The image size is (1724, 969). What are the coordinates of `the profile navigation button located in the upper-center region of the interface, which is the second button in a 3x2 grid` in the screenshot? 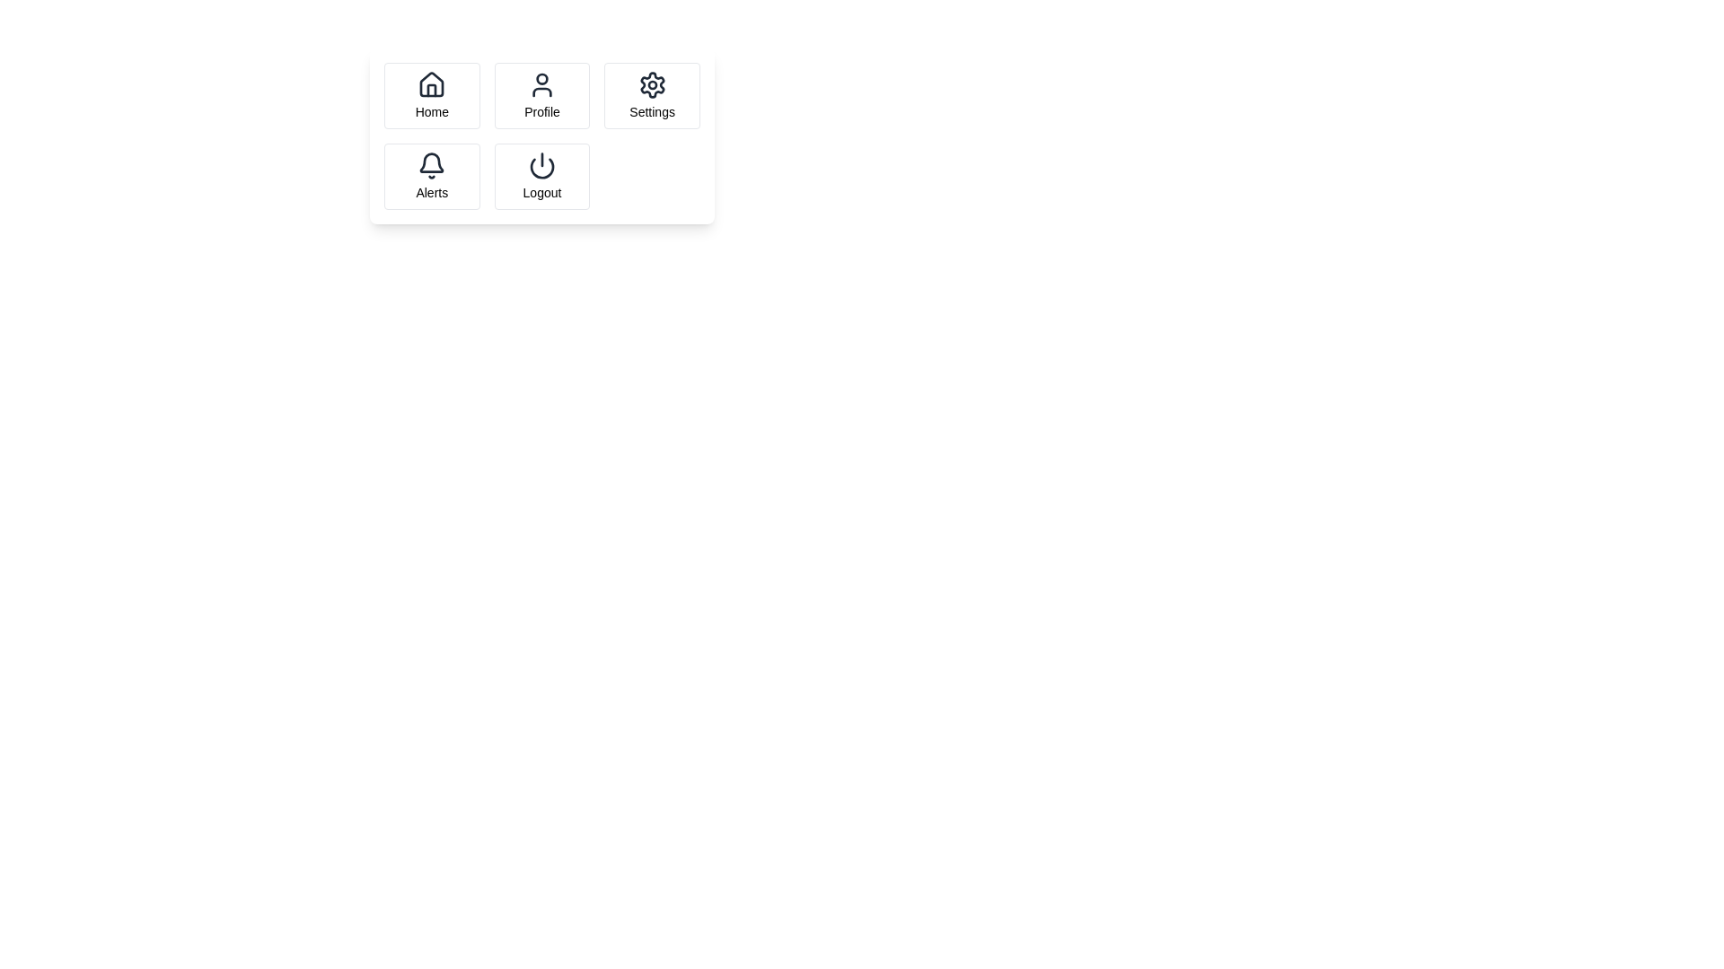 It's located at (541, 96).